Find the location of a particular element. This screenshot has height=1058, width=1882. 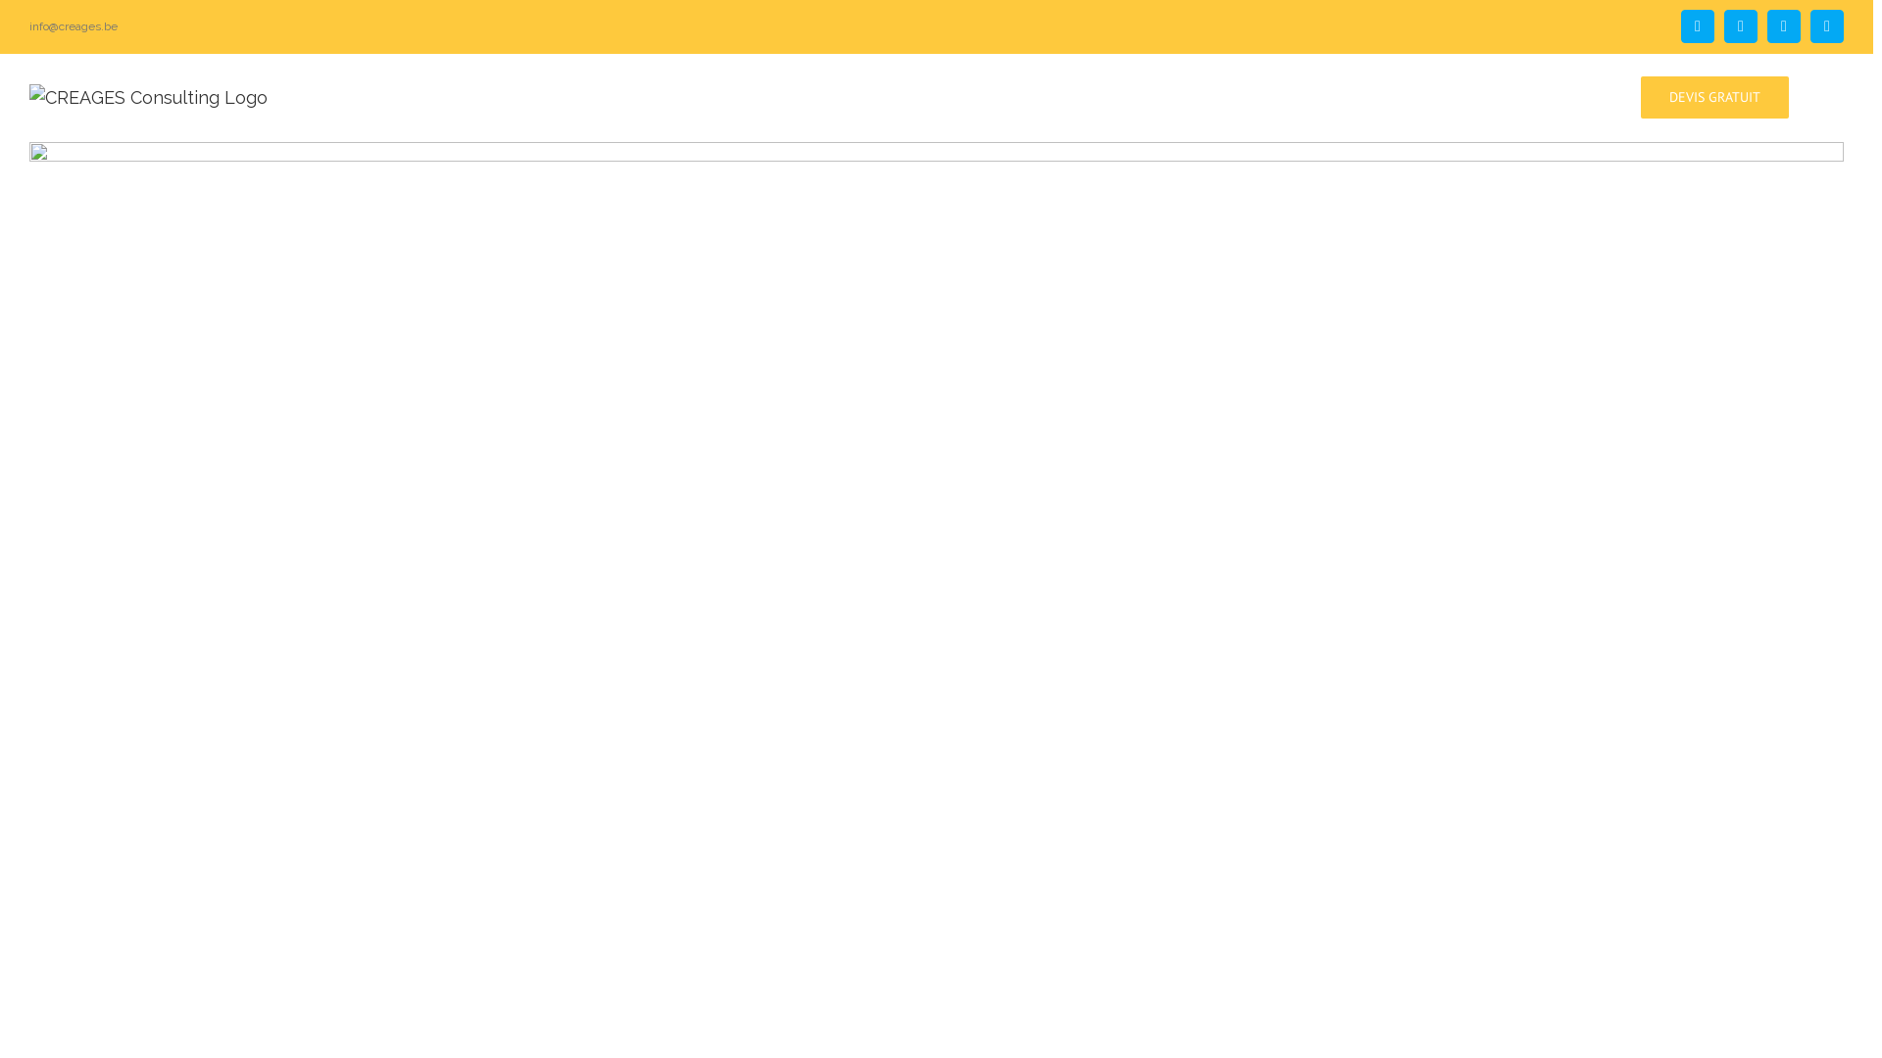

'COACHING' is located at coordinates (1262, 95).